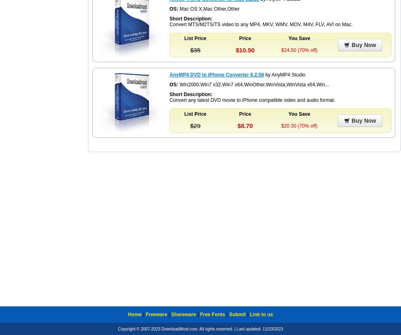 The height and width of the screenshot is (335, 401). What do you see at coordinates (245, 126) in the screenshot?
I see `'$8.70'` at bounding box center [245, 126].